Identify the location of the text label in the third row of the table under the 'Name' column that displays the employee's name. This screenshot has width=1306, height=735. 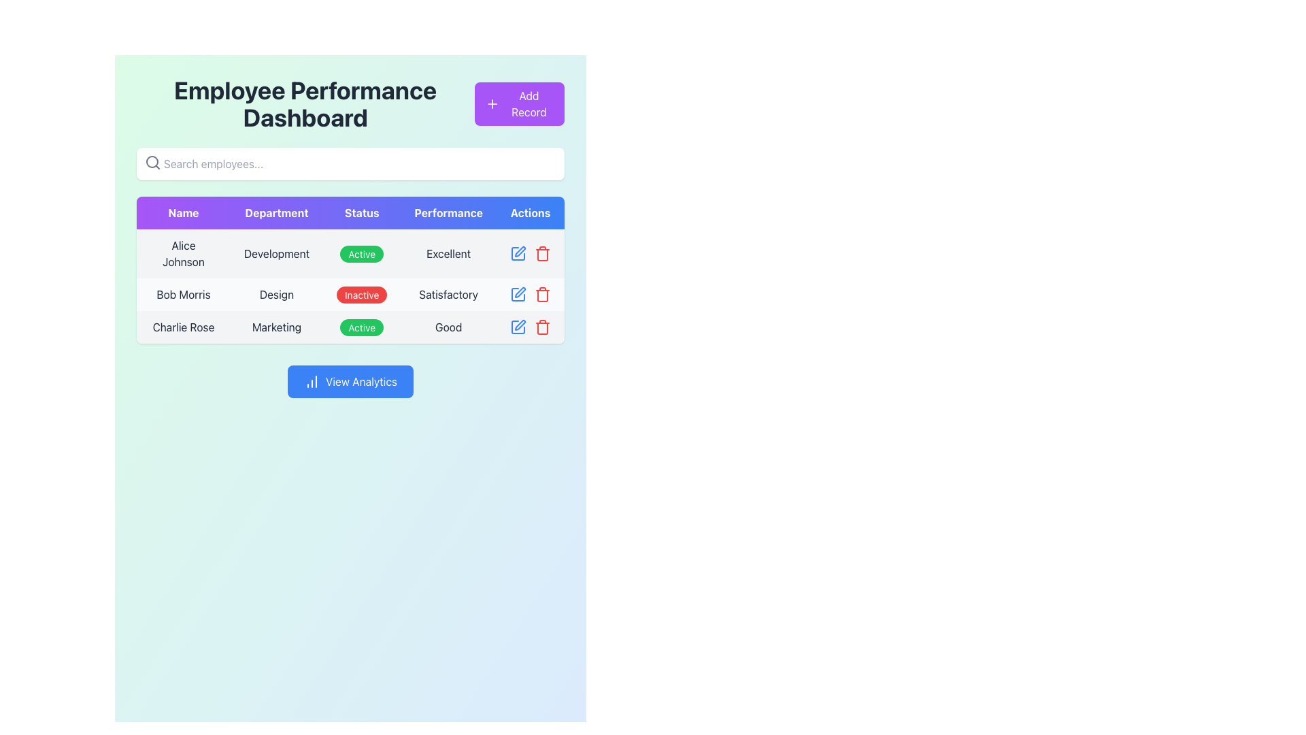
(182, 327).